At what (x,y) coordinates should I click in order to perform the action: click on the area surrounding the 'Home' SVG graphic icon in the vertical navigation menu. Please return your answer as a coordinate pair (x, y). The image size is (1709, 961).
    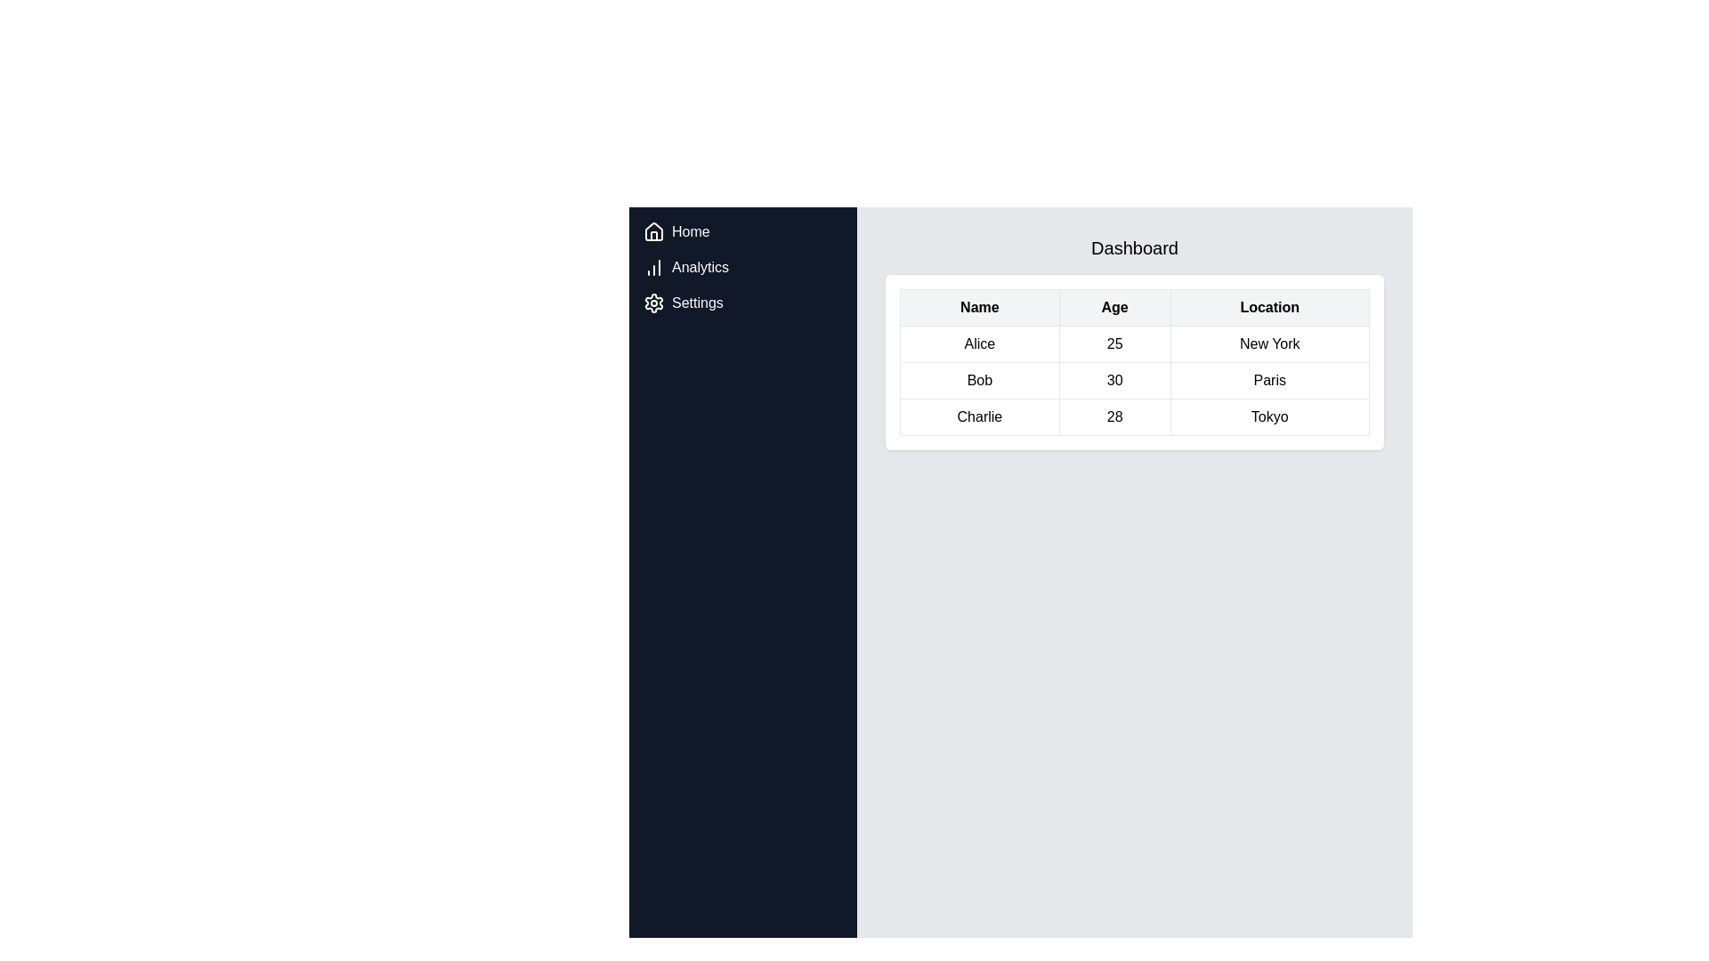
    Looking at the image, I should click on (652, 231).